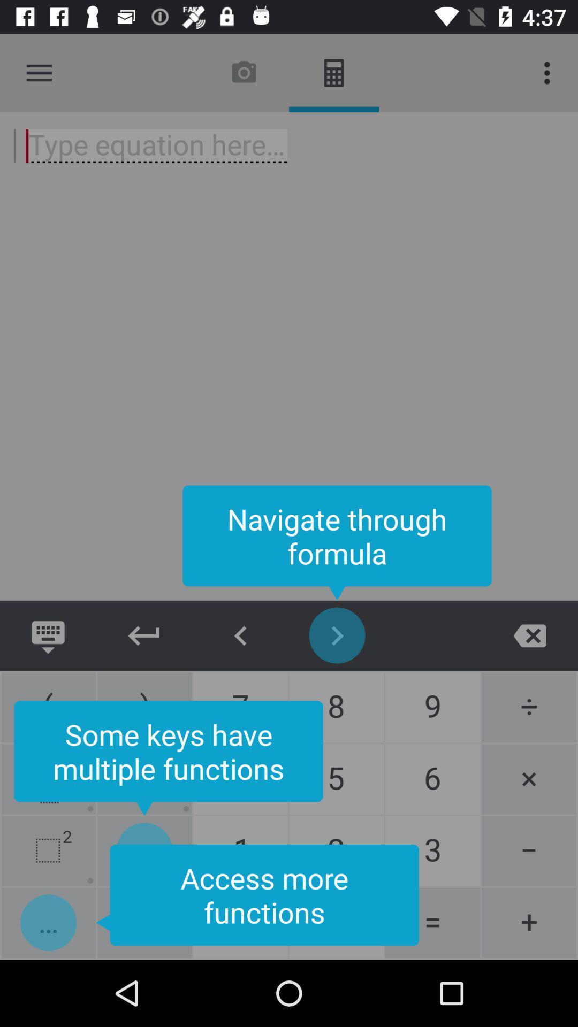  What do you see at coordinates (336, 635) in the screenshot?
I see `this button is use to navigate through formula` at bounding box center [336, 635].